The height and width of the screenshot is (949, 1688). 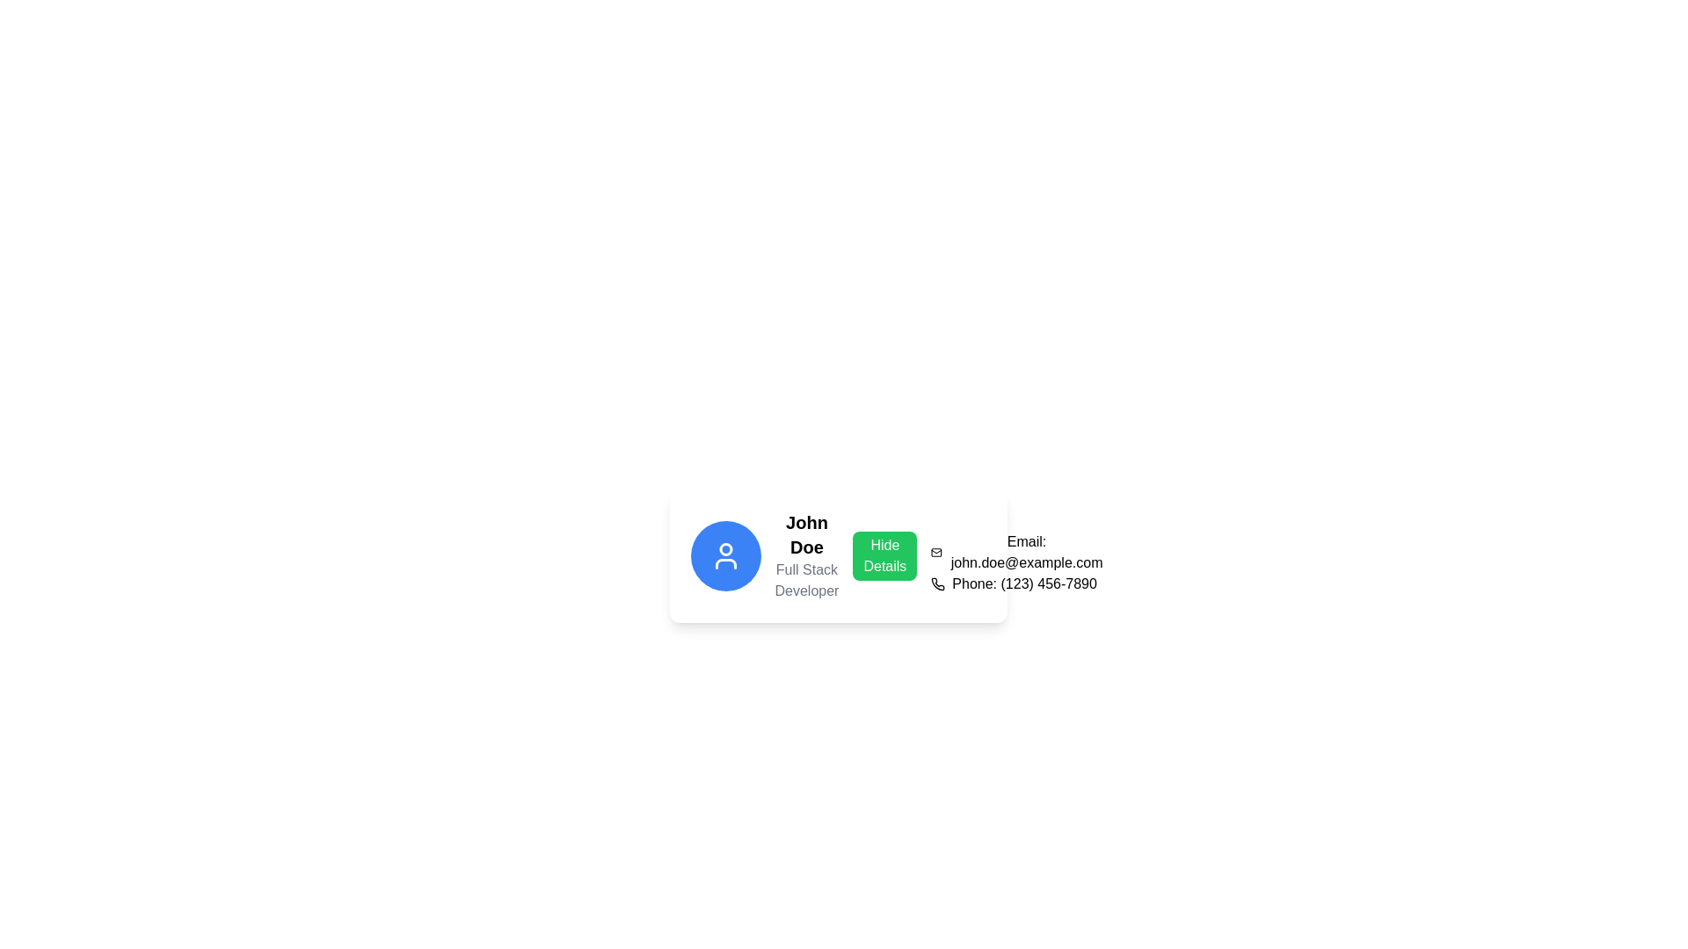 I want to click on the button designed to toggle the visibility of additional user details, located to the far right of the main content within the card, adjacent to the 'John Doe' header, so click(x=884, y=555).